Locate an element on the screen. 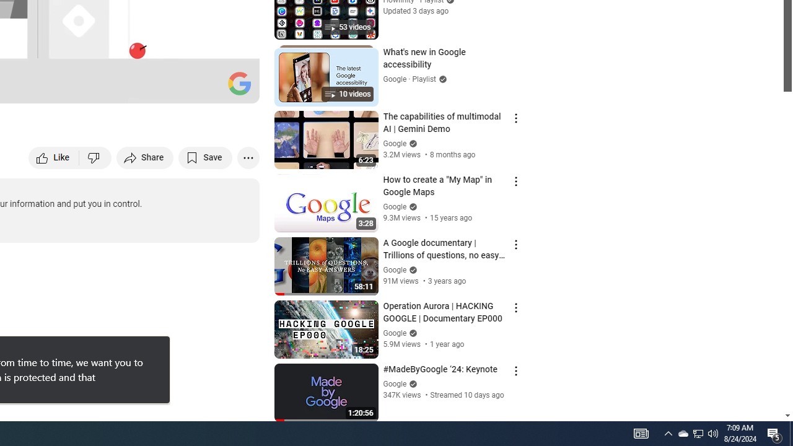 The image size is (793, 446). 'Subtitles/closed captions unavailable' is located at coordinates (118, 87).